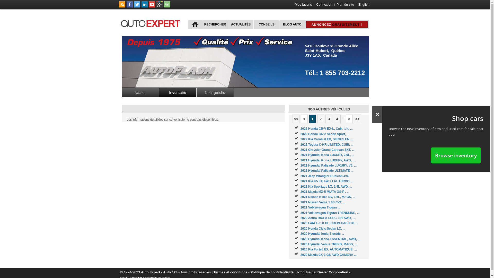 The height and width of the screenshot is (278, 494). What do you see at coordinates (300, 218) in the screenshot?
I see `'2020 Acura RDX A-SPEC, SH-AWD, ...'` at bounding box center [300, 218].